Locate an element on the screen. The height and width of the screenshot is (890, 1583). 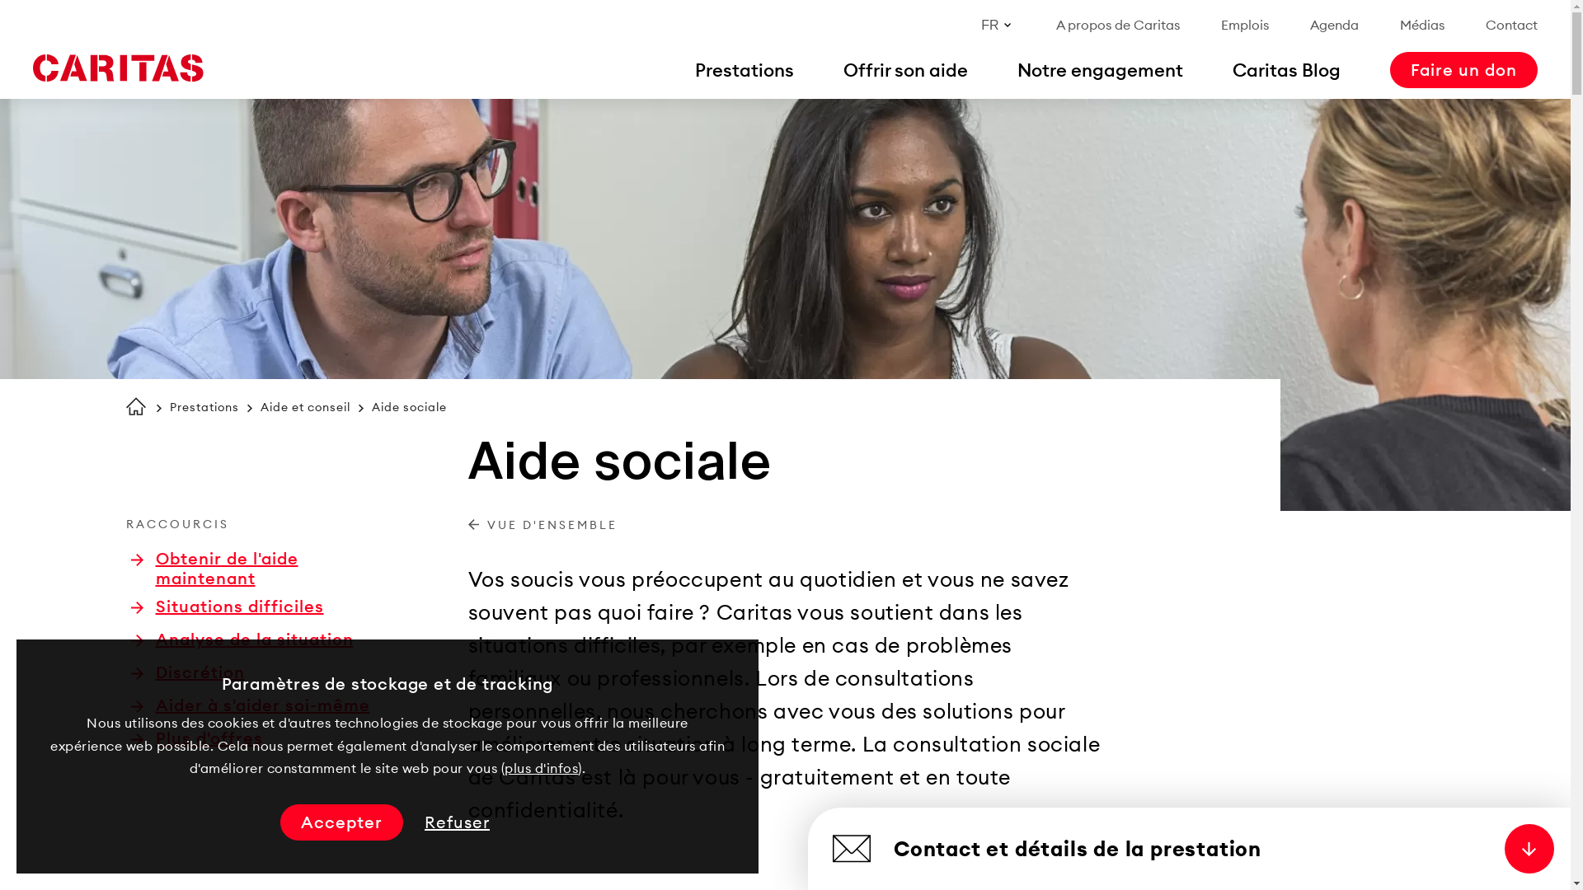
'Contact' is located at coordinates (1511, 25).